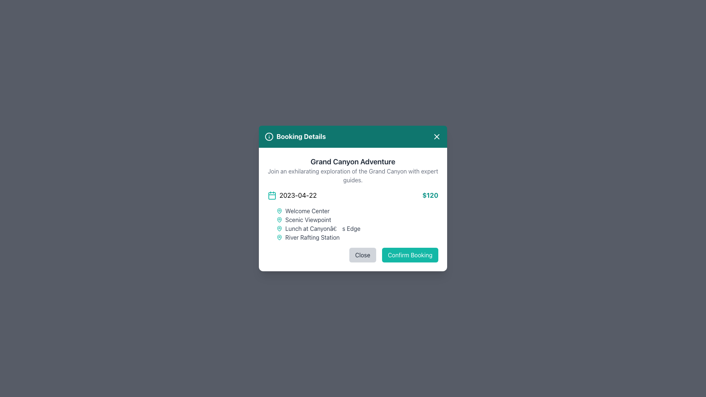  What do you see at coordinates (430, 195) in the screenshot?
I see `the cost or price text located in the top-right corner of the modal dialog, aligned with the date '2023-04-22'` at bounding box center [430, 195].